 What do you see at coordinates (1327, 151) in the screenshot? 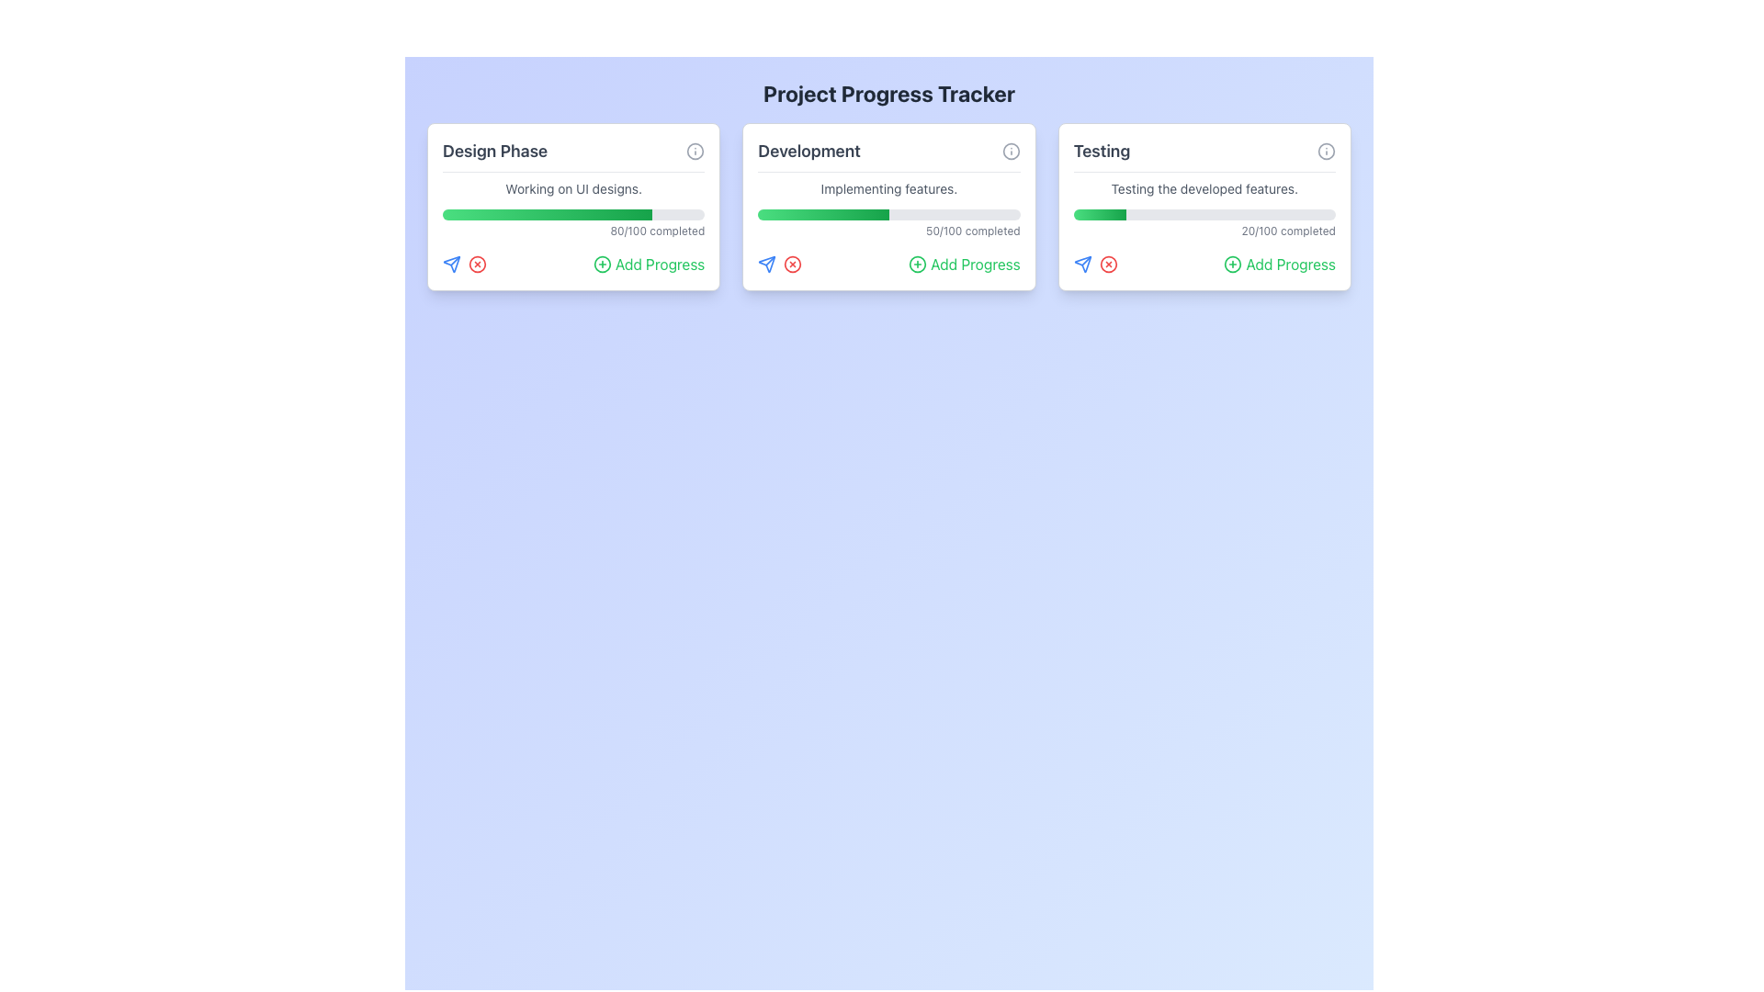
I see `the small circular information button with an 'i' icon located at the top-right of the 'Testing' card's header section` at bounding box center [1327, 151].